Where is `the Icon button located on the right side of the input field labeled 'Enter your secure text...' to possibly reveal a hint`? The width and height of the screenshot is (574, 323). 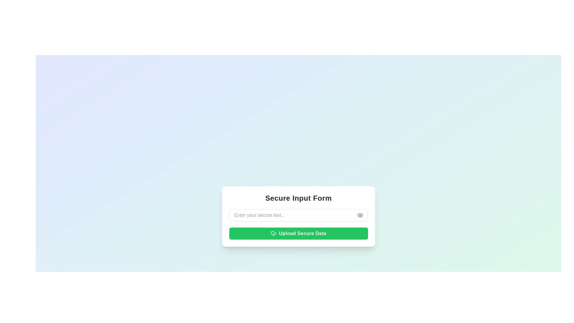
the Icon button located on the right side of the input field labeled 'Enter your secure text...' to possibly reveal a hint is located at coordinates (360, 215).